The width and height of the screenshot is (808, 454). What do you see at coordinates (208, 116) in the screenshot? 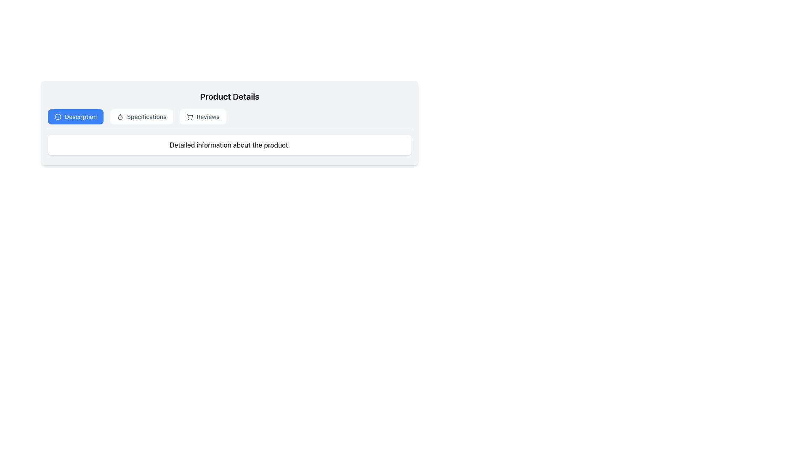
I see `text label displaying 'Reviews' which is located in the navigation area, immediately to the right of the shopping cart icon` at bounding box center [208, 116].